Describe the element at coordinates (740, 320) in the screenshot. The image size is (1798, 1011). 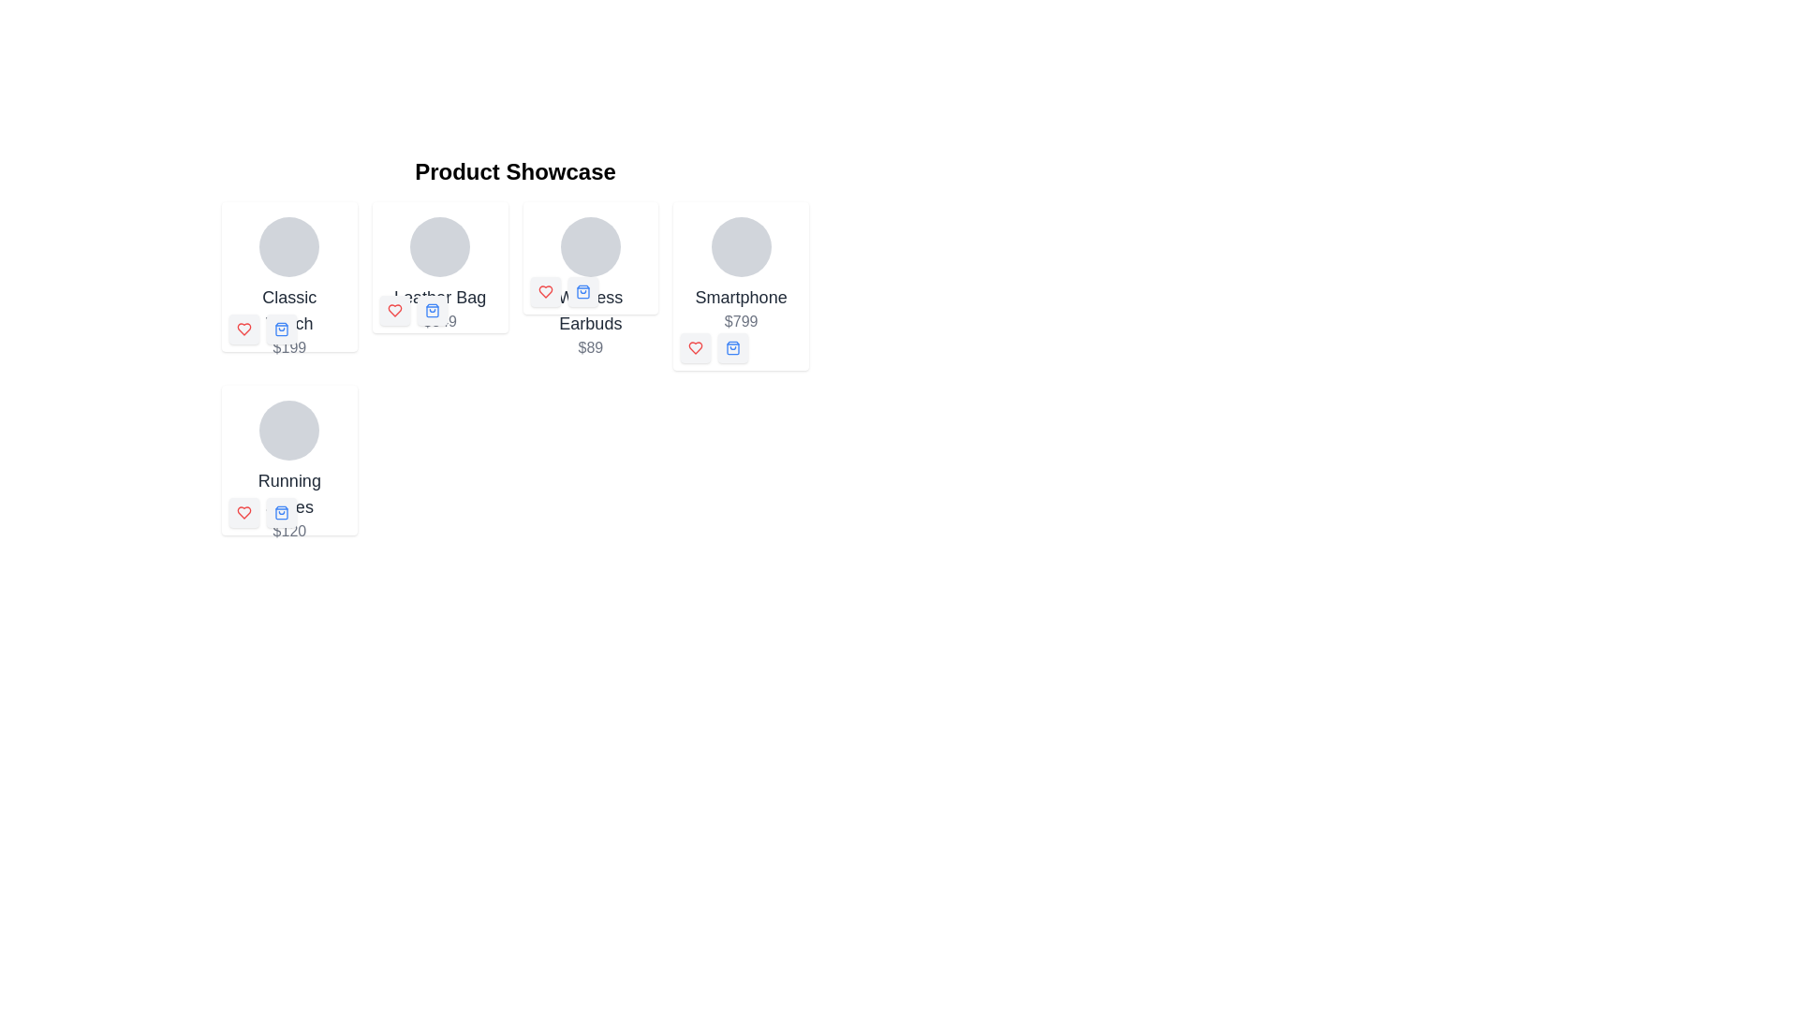
I see `the static text label displaying '$799', which is located below the 'Smartphone' text in the fourth product card` at that location.